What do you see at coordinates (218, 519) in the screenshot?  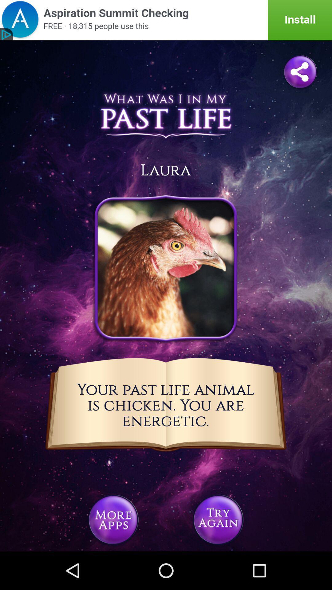 I see `try again option` at bounding box center [218, 519].